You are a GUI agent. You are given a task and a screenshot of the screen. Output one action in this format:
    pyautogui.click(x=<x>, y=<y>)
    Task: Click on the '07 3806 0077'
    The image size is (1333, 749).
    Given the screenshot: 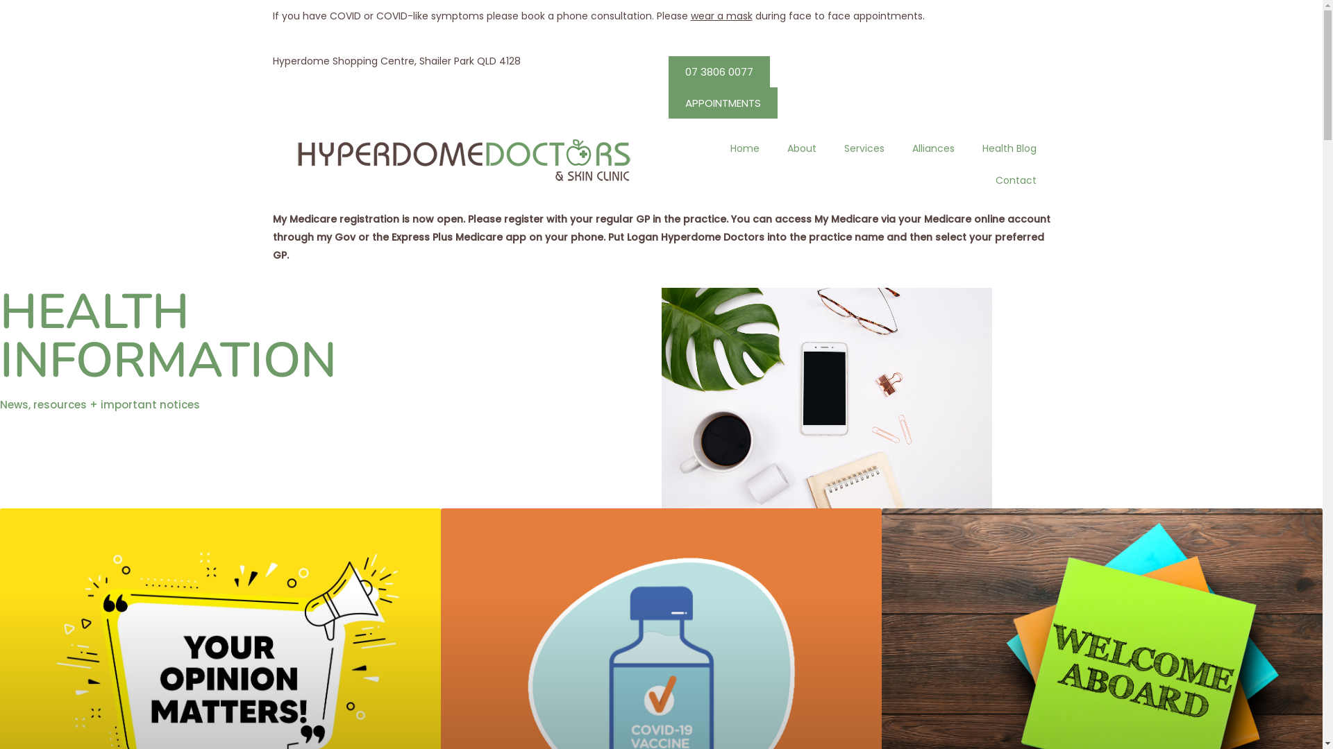 What is the action you would take?
    pyautogui.click(x=719, y=71)
    